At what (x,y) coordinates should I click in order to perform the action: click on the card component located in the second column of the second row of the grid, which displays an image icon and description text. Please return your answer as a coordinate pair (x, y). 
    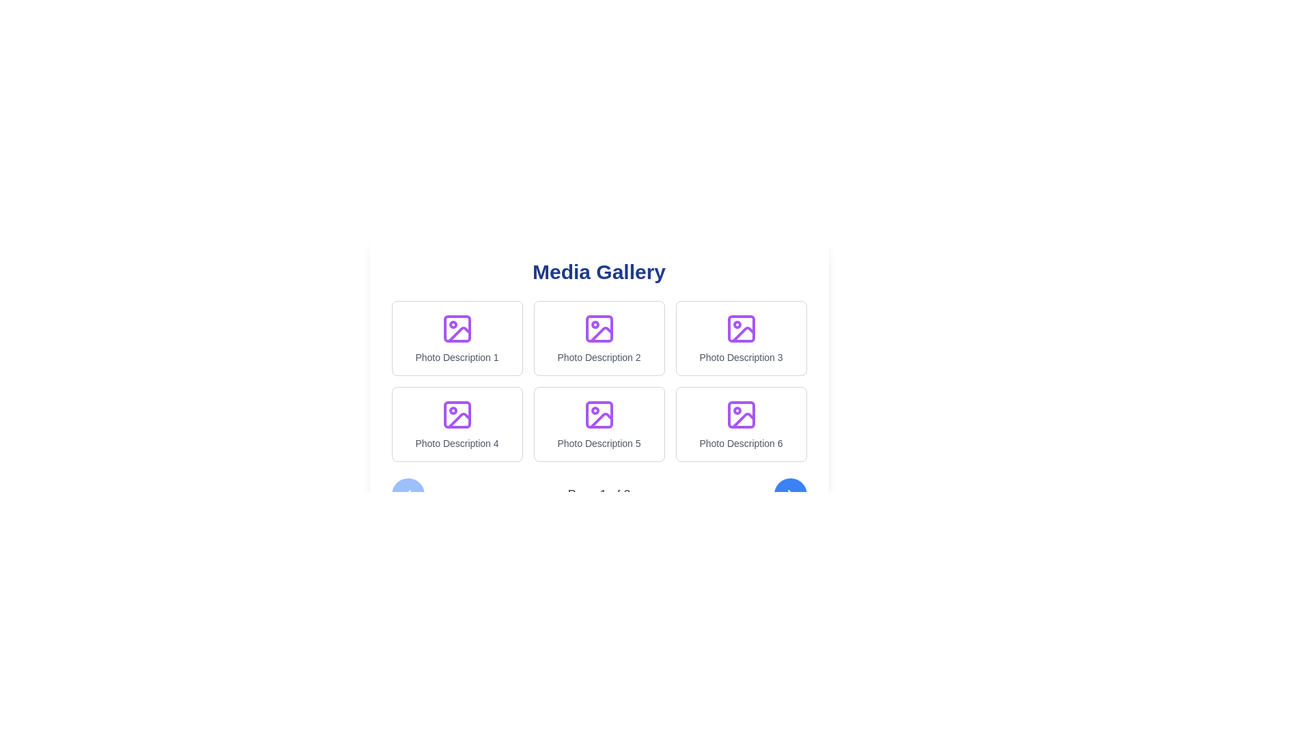
    Looking at the image, I should click on (599, 423).